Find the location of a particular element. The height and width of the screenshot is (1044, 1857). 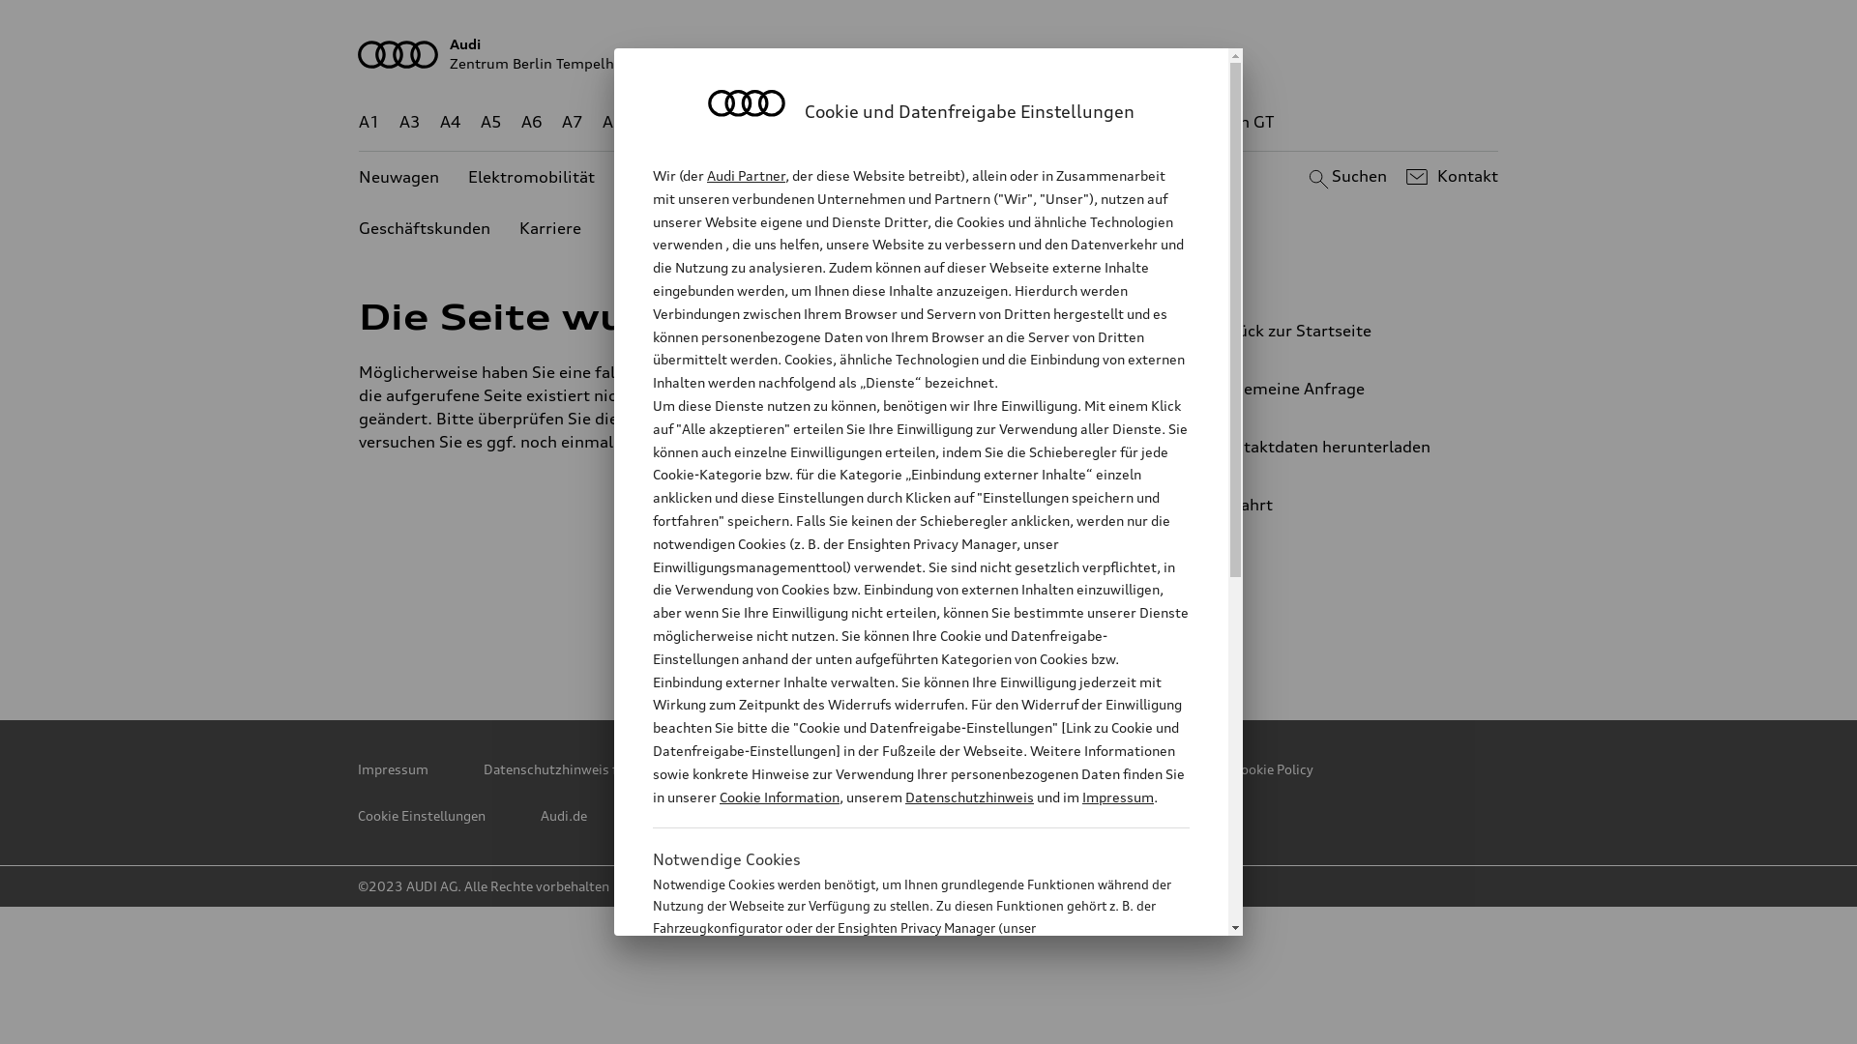

'Audi Partner' is located at coordinates (745, 175).